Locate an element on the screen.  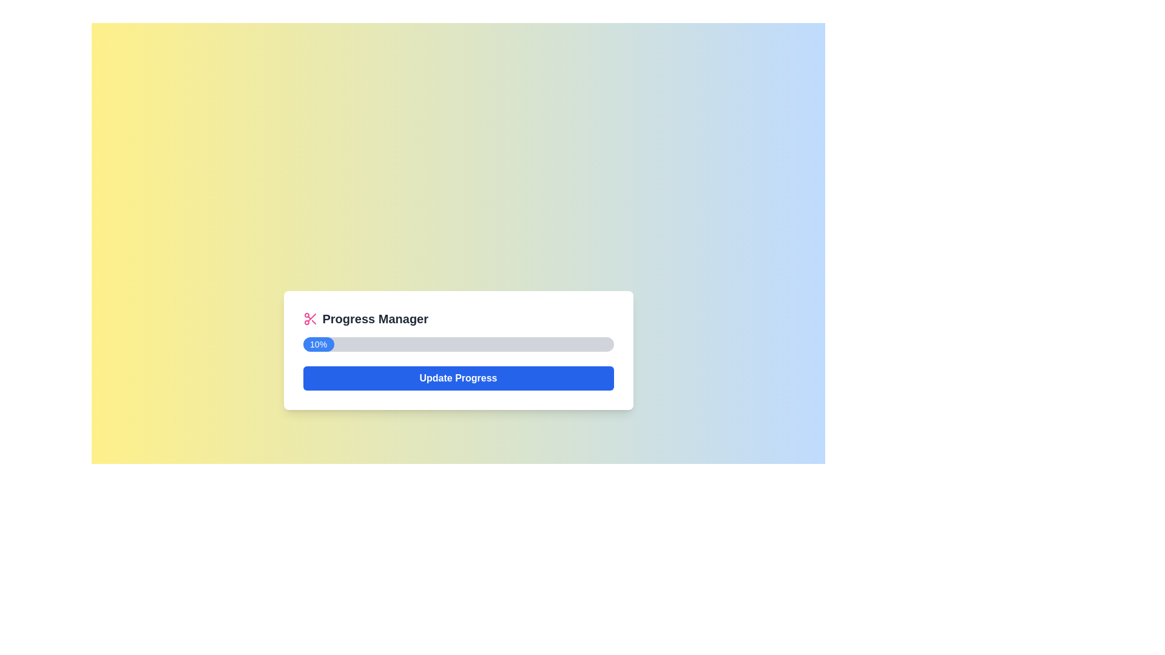
the 'Update Progress' button, which is a rectangular button with rounded corners, a blue background, and bold white text, located below the progress bar in the 'Progress Manager' card is located at coordinates (458, 378).